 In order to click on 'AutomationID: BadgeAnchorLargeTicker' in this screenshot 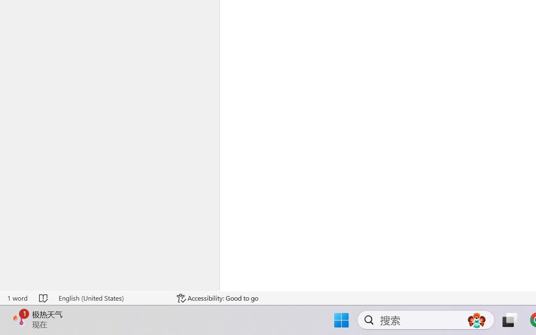, I will do `click(19, 319)`.